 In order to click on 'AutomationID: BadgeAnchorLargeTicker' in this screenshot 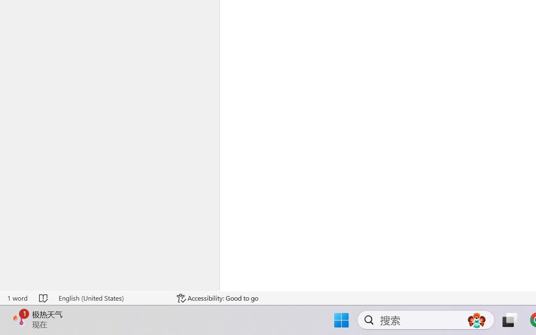, I will do `click(19, 319)`.